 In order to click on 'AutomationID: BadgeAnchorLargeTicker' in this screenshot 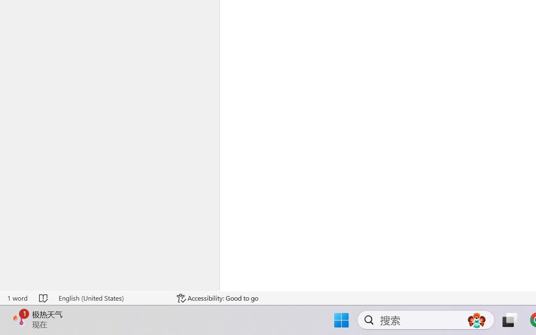, I will do `click(19, 319)`.